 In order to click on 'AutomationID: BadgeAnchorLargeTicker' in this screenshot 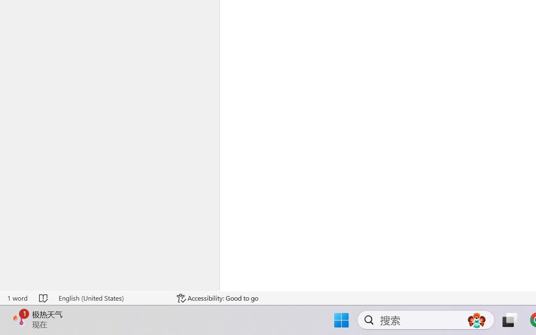, I will do `click(19, 319)`.